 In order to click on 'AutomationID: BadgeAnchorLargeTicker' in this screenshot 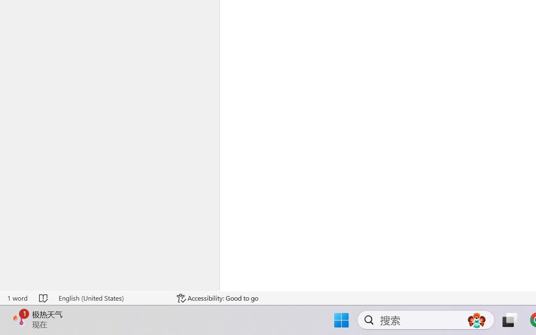, I will do `click(19, 319)`.